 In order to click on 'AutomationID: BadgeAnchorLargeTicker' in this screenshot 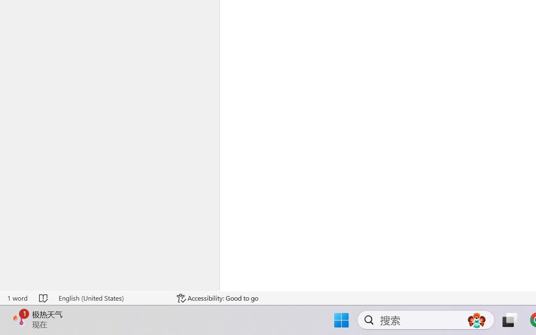, I will do `click(19, 319)`.